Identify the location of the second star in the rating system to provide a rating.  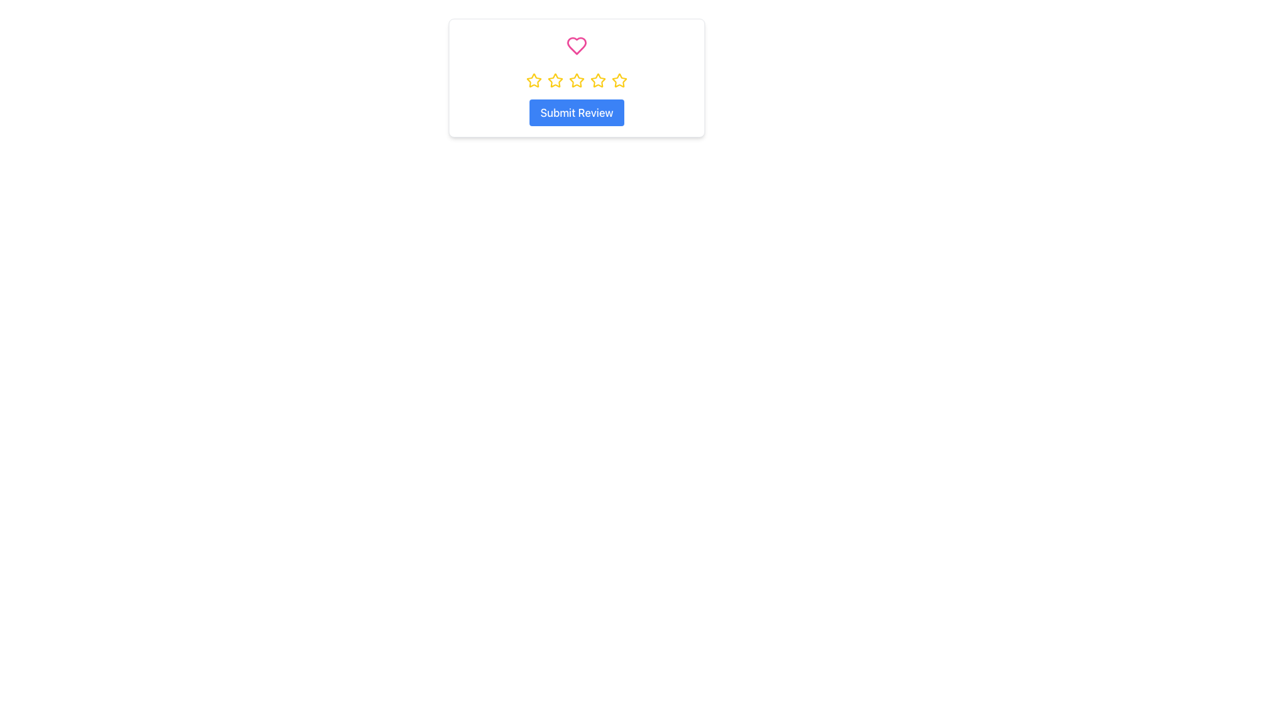
(555, 80).